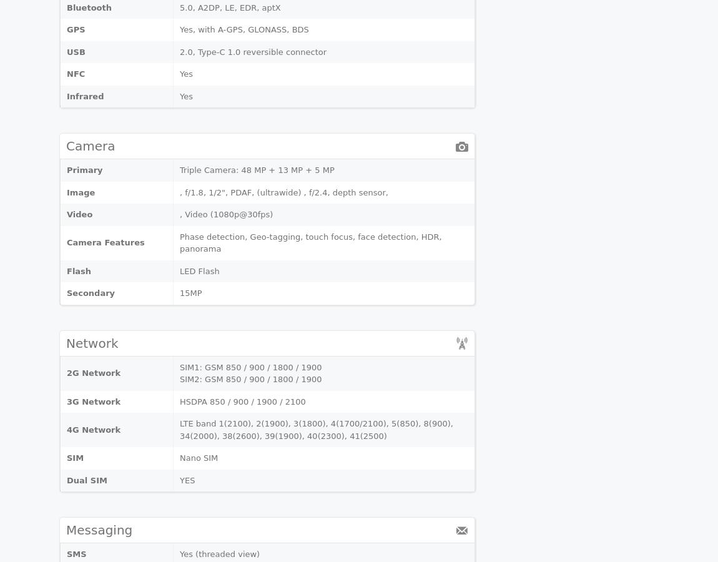 This screenshot has width=718, height=562. I want to click on ', Video (1080p@30fps)', so click(226, 214).